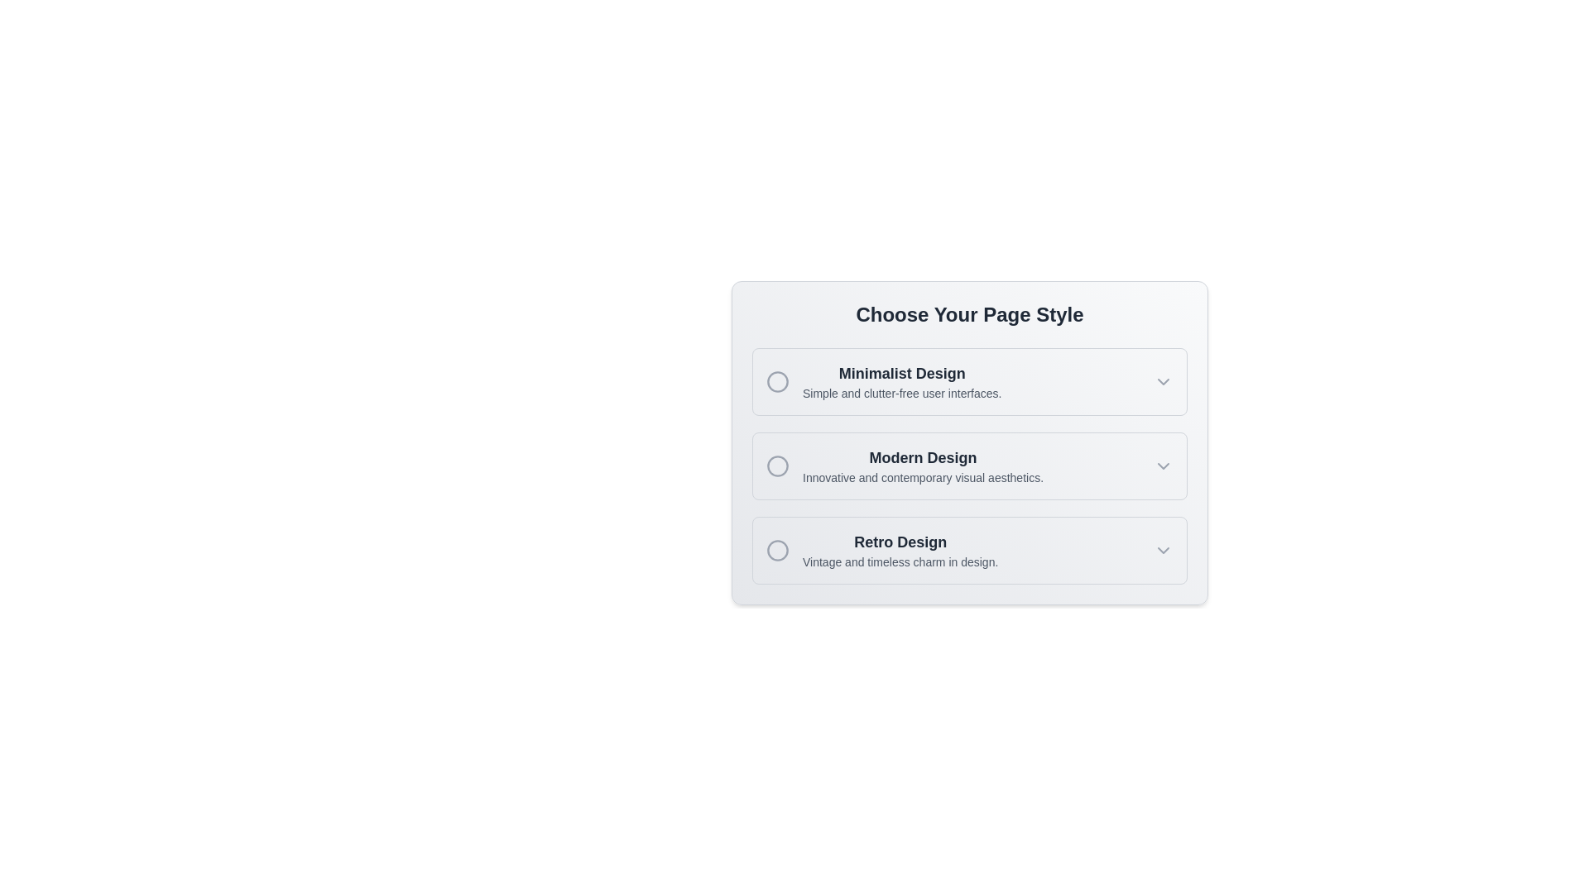 The height and width of the screenshot is (893, 1589). Describe the element at coordinates (881, 551) in the screenshot. I see `the text label describing the retro design option, which is the third selectable option under the 'Choose Your Page Style' section` at that location.